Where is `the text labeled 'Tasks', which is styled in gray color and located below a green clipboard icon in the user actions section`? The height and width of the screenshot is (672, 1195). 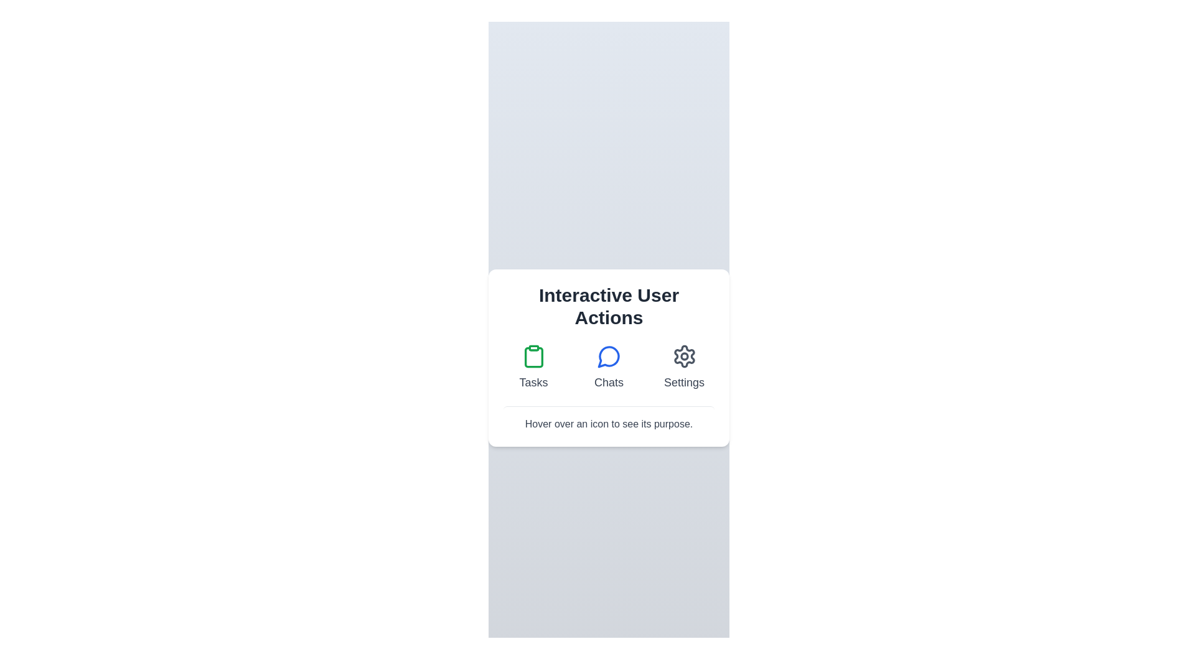
the text labeled 'Tasks', which is styled in gray color and located below a green clipboard icon in the user actions section is located at coordinates (533, 381).